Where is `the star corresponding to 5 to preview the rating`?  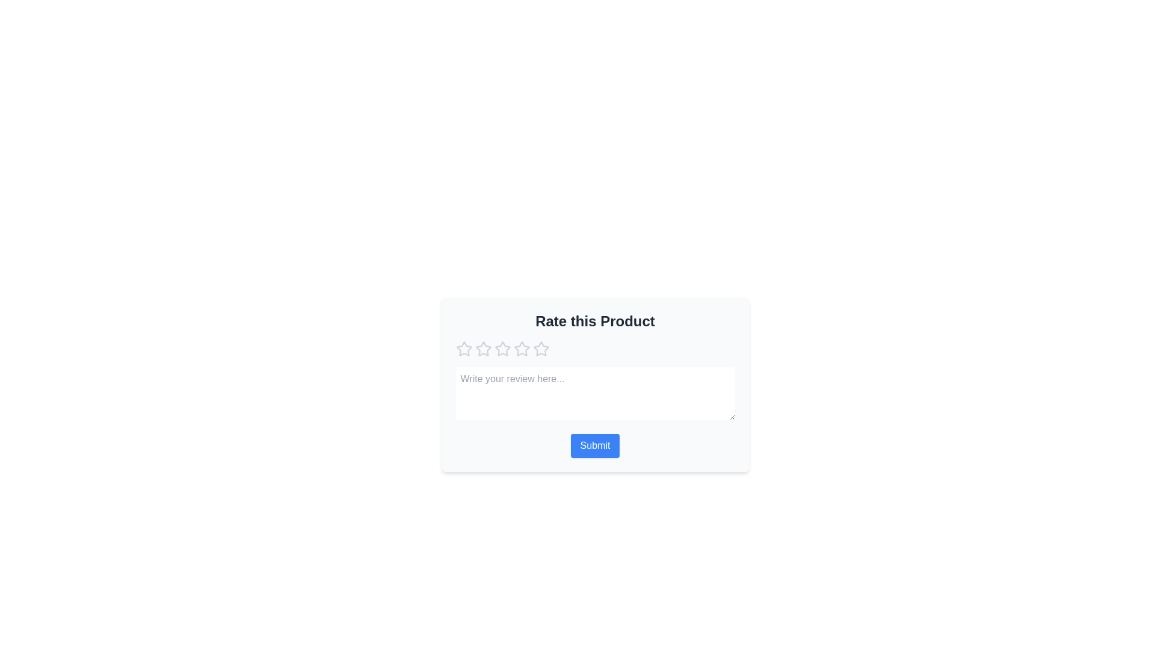 the star corresponding to 5 to preview the rating is located at coordinates (540, 349).